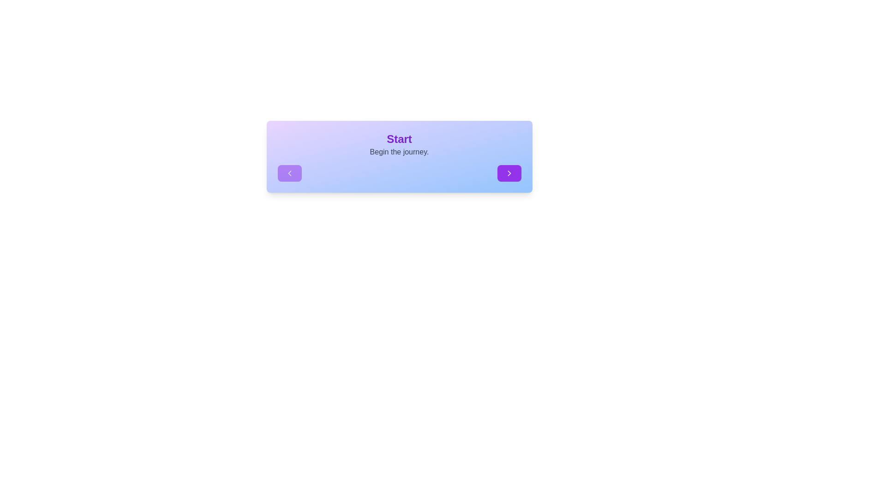 The width and height of the screenshot is (886, 498). What do you see at coordinates (509, 173) in the screenshot?
I see `the navigation button to move to the next step` at bounding box center [509, 173].